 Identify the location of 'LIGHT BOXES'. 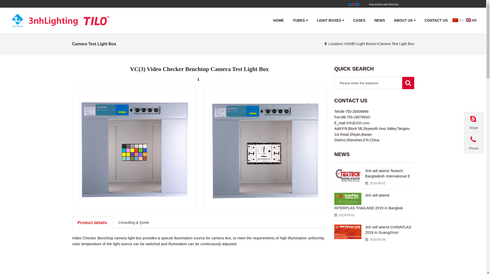
(330, 20).